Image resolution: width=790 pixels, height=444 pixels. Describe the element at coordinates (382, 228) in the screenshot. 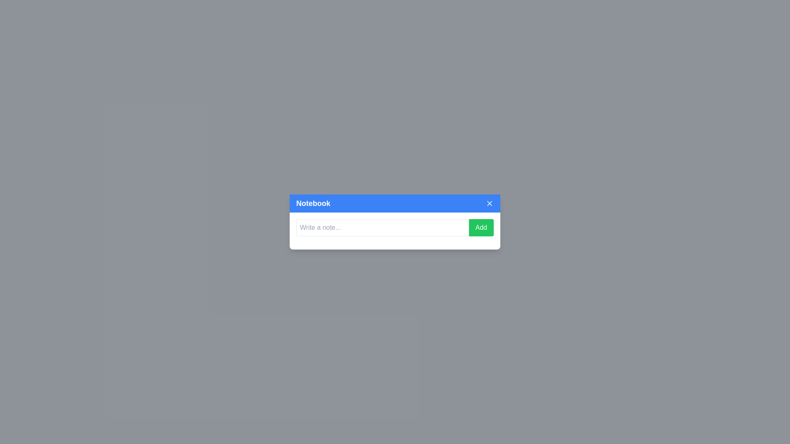

I see `the input field and type the desired note text` at that location.